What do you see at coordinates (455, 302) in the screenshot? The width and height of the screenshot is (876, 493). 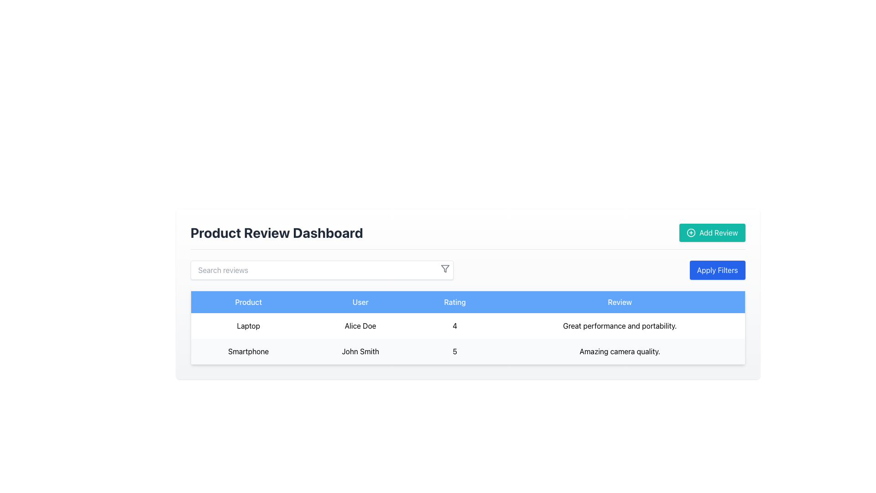 I see `the static text label with the text 'Rating' which is located in the third column header of a four-column table, centered horizontally and vertically against a blue background` at bounding box center [455, 302].